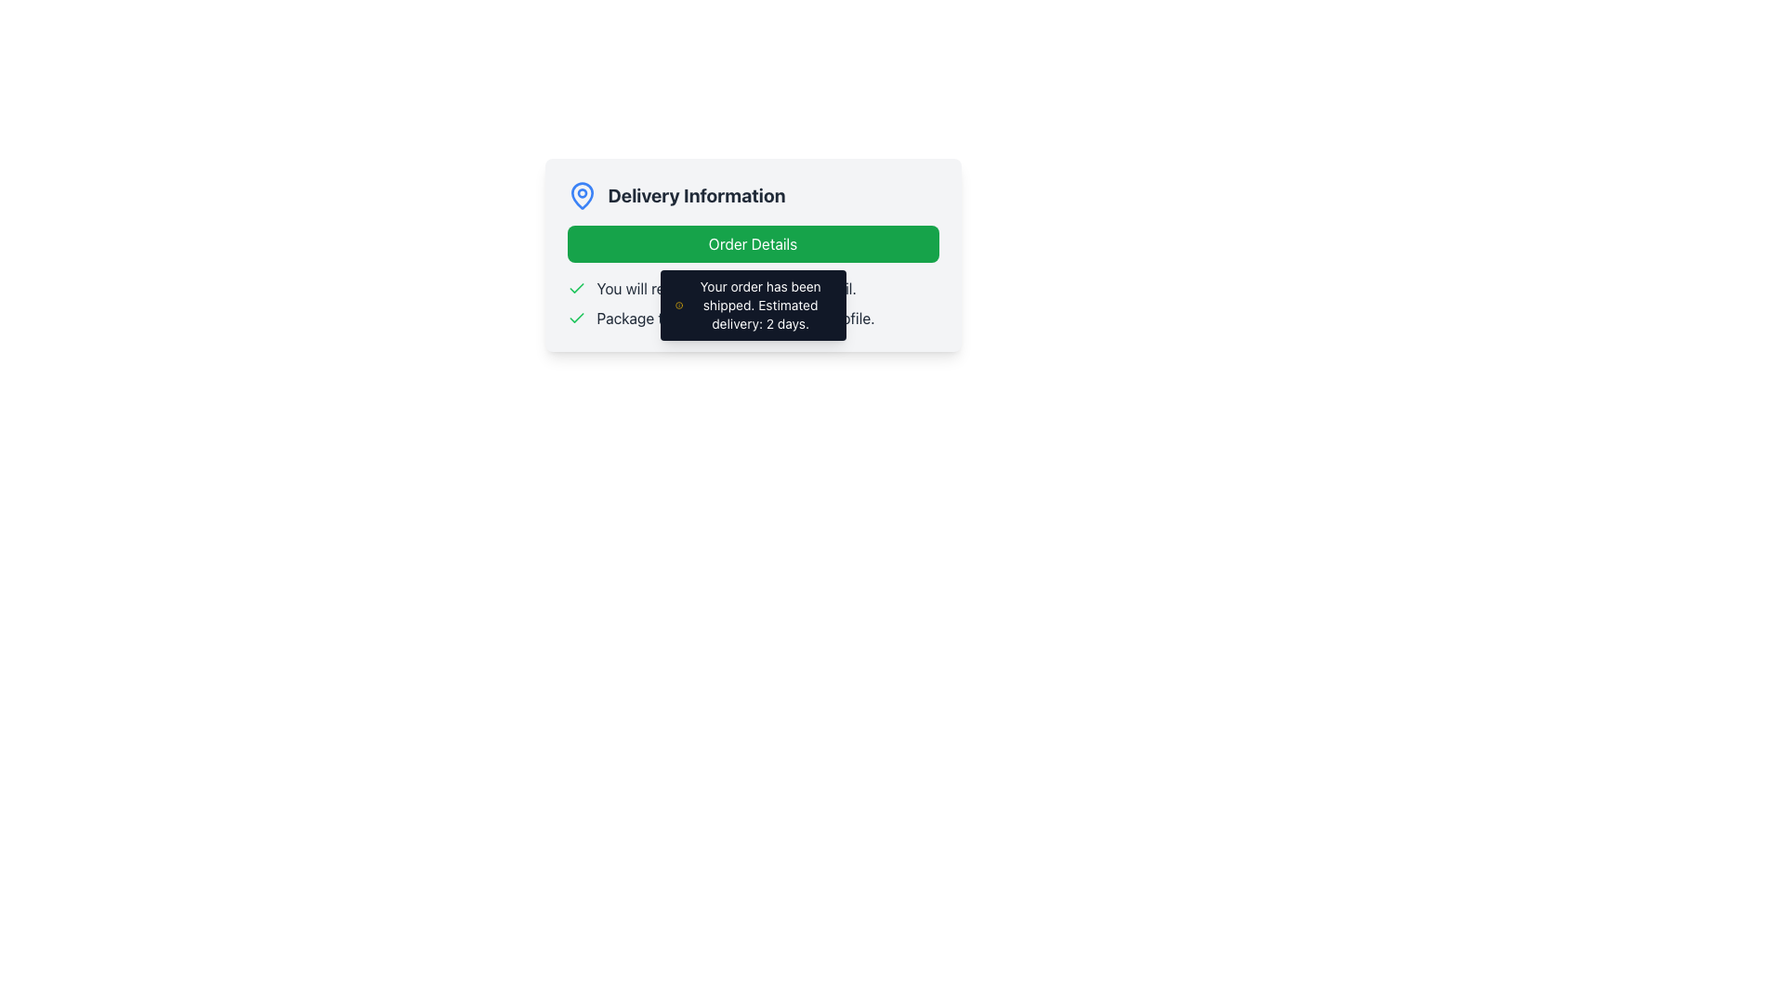 This screenshot has width=1784, height=1003. I want to click on text inside the tooltip that appears below the 'Order Details' button, which contains the message 'Your order has been shipped. Estimated delivery: 2 days.', so click(753, 304).